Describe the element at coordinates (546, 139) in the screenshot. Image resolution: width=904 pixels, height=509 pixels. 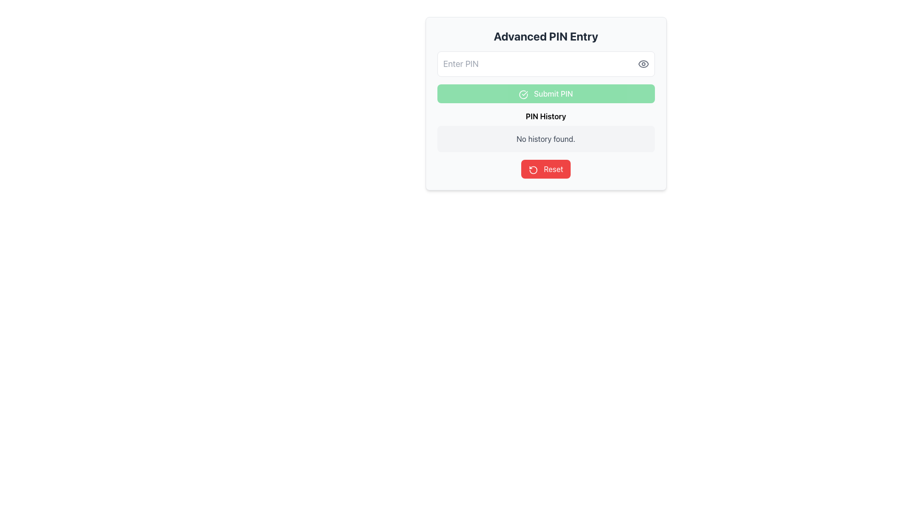
I see `the static text label displaying 'No history found.' located under the 'Submit PIN' button in the 'PIN History' section` at that location.